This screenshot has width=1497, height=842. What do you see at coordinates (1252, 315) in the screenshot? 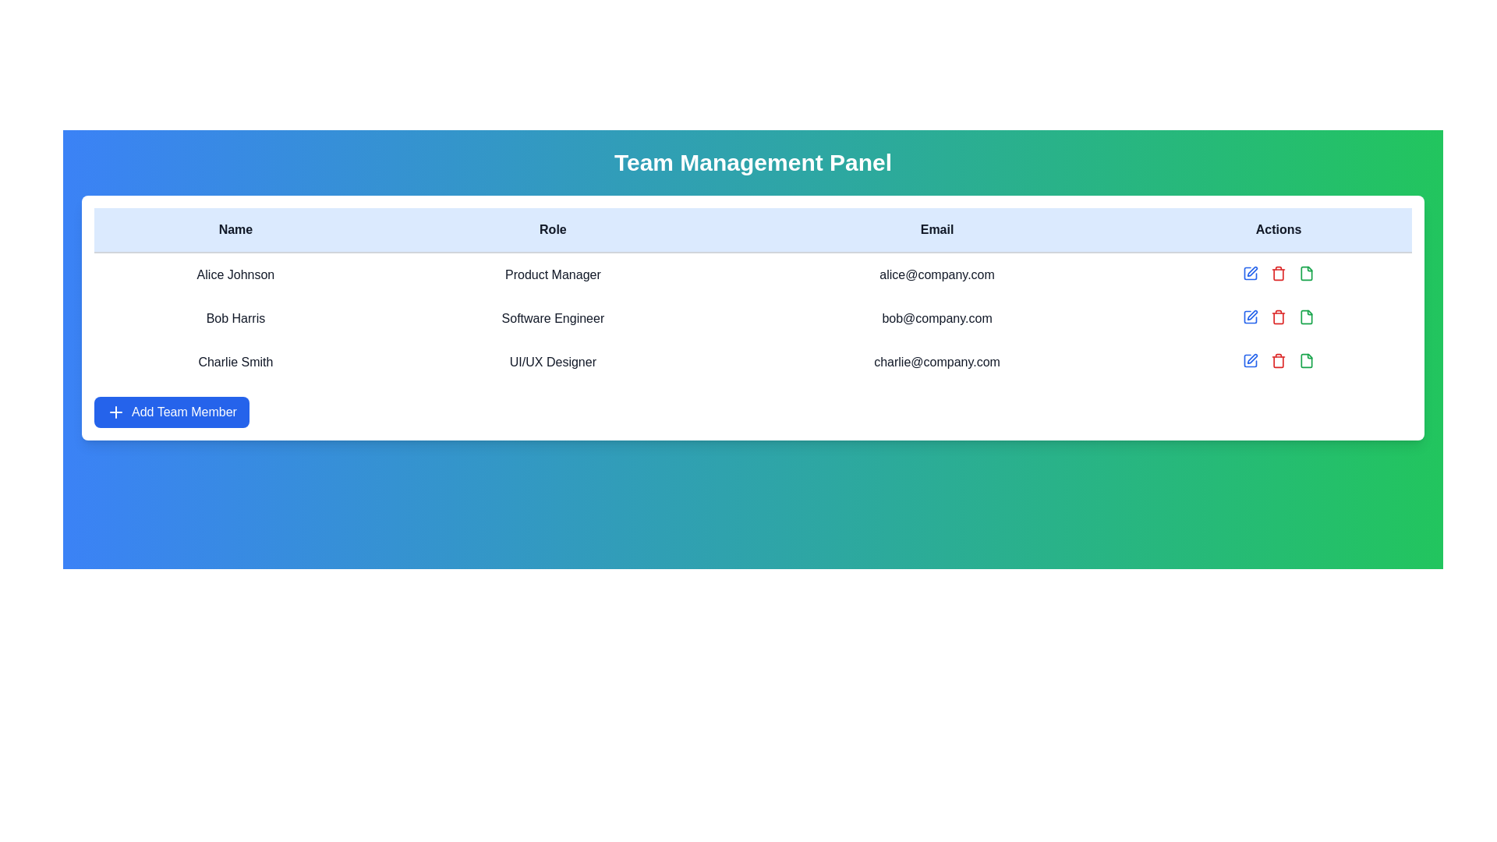
I see `the blue pen-shaped icon in the Actions column of the team management table to initiate editing` at bounding box center [1252, 315].